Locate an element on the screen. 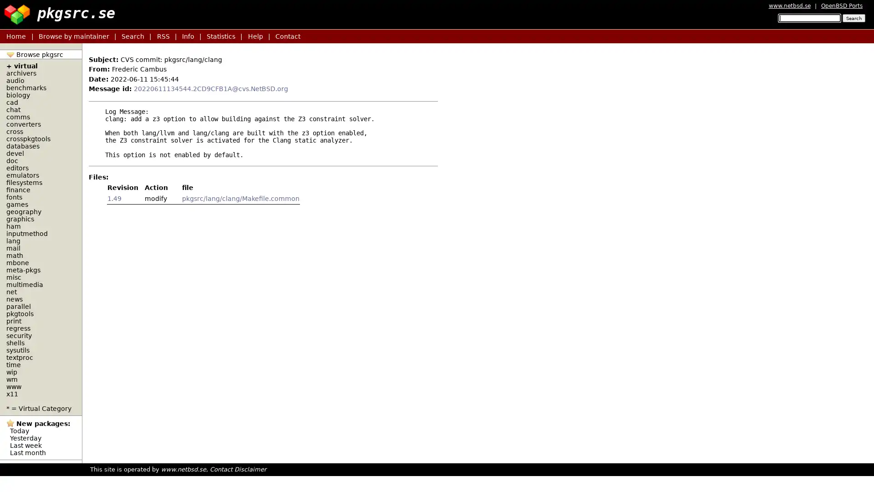 This screenshot has width=874, height=492. Search is located at coordinates (853, 18).